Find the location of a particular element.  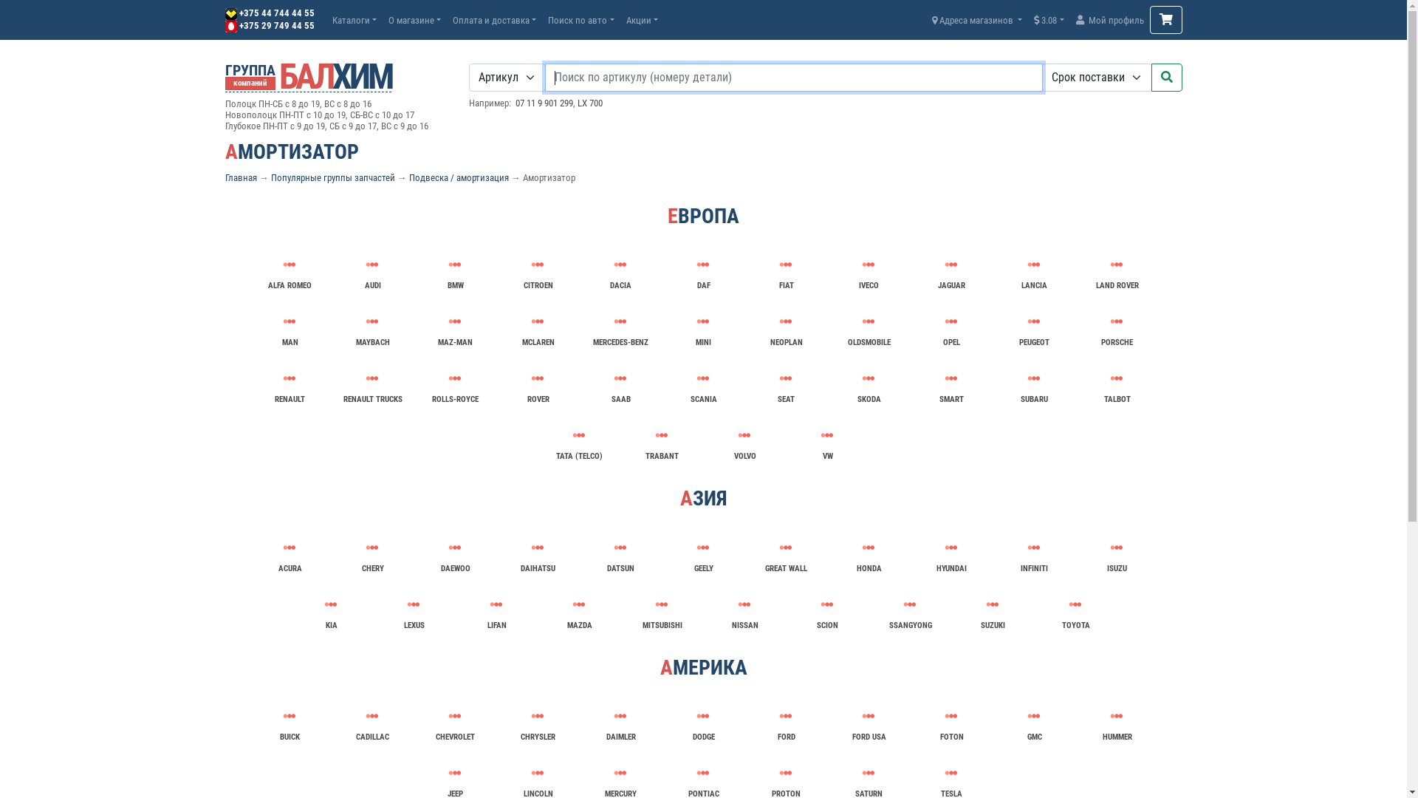

'NISSAN' is located at coordinates (744, 610).